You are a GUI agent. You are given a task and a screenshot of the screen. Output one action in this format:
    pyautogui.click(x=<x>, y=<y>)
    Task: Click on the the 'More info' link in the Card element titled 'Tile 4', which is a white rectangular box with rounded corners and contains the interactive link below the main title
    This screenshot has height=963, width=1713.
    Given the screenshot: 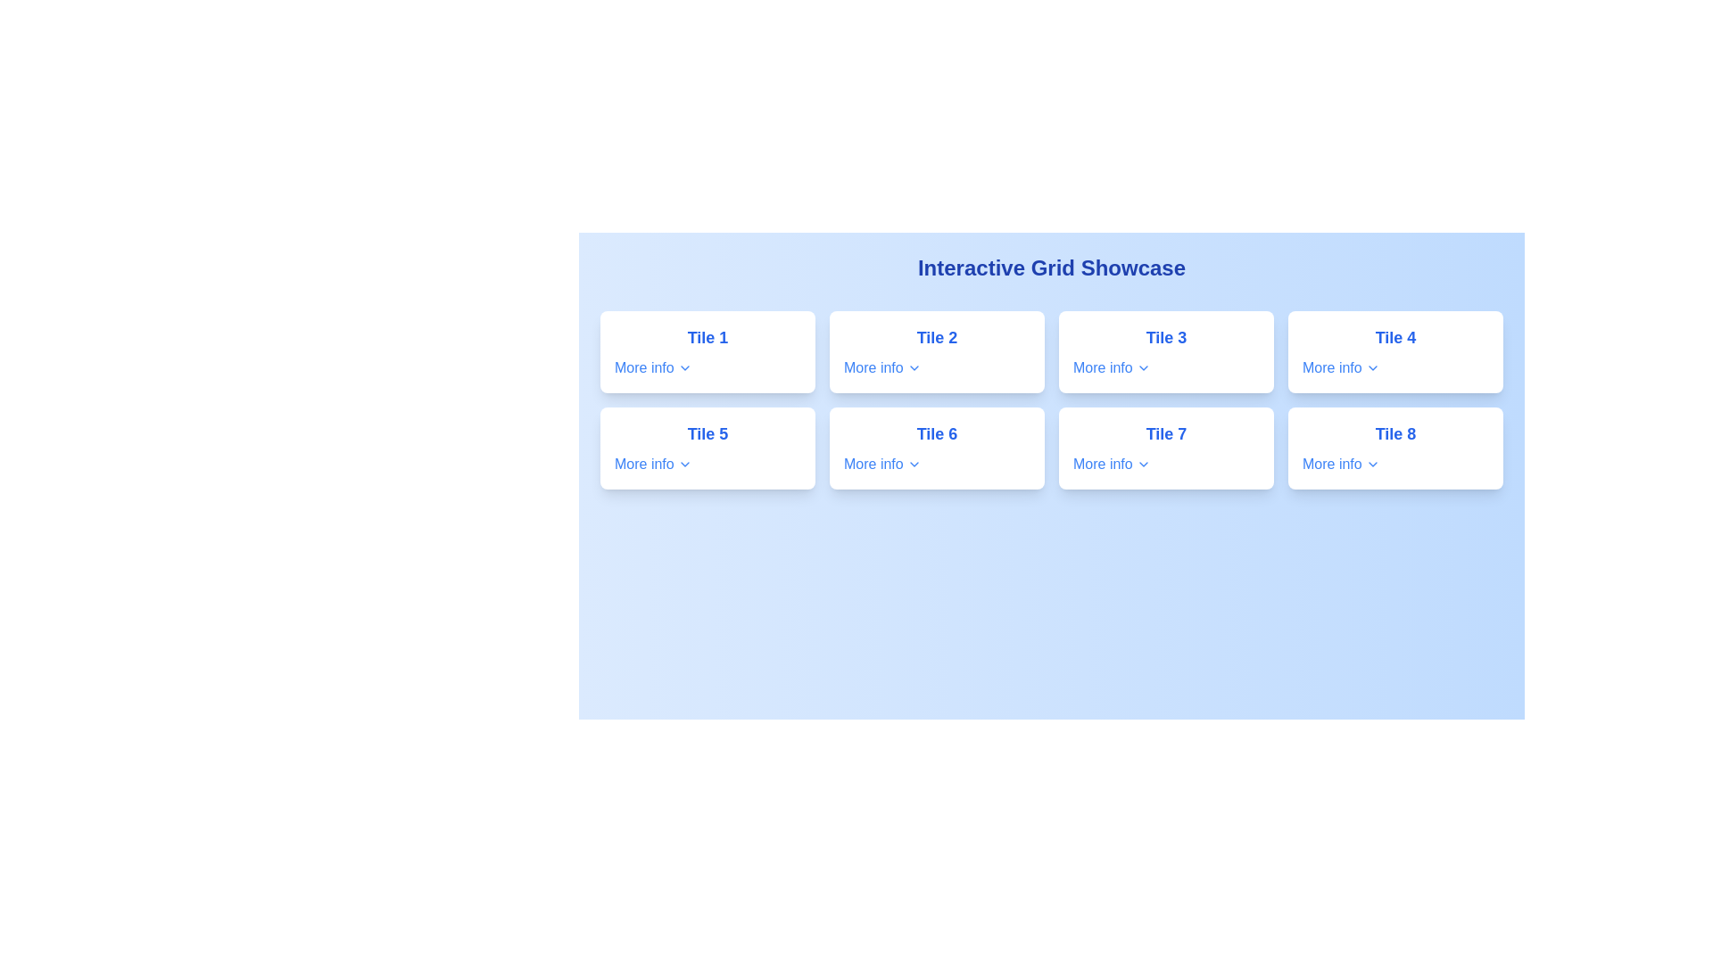 What is the action you would take?
    pyautogui.click(x=1394, y=351)
    